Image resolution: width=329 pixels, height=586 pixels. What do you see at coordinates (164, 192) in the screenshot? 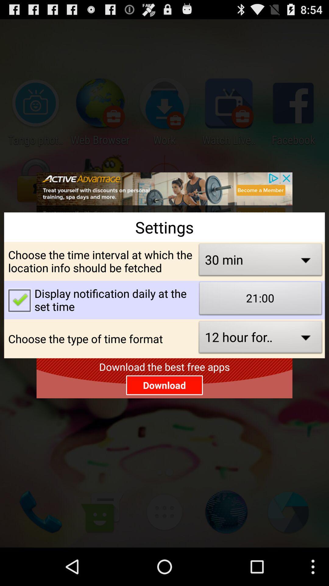
I see `watch advertisement` at bounding box center [164, 192].